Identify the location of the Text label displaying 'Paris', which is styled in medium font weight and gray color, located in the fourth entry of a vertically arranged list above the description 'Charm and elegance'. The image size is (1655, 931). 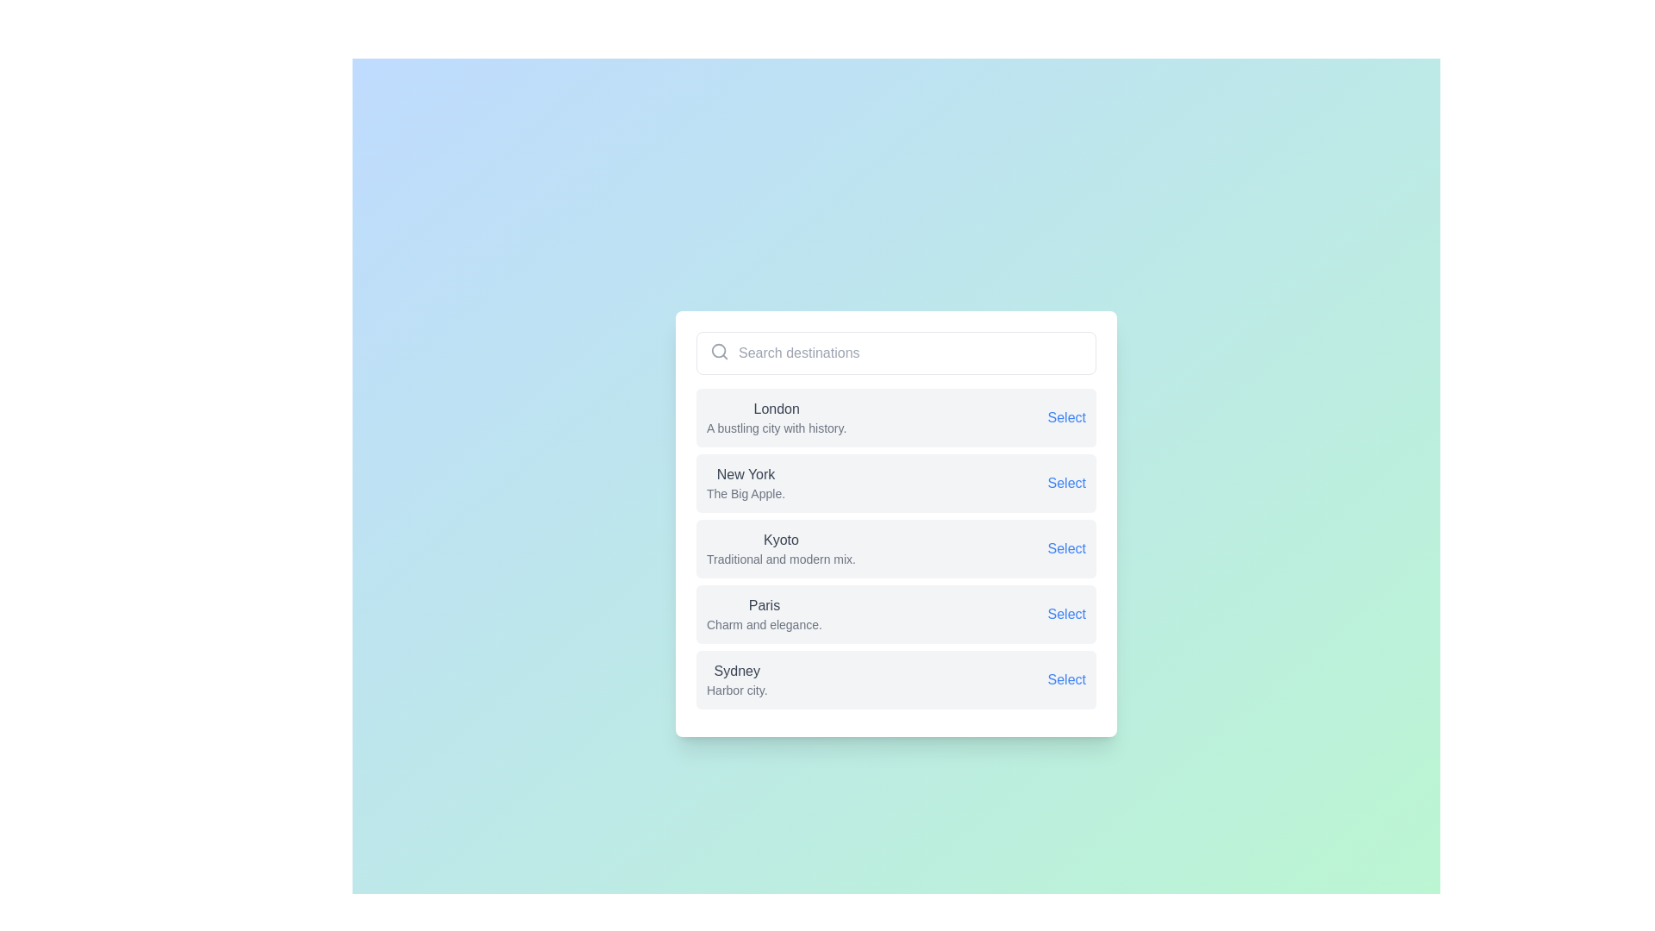
(763, 604).